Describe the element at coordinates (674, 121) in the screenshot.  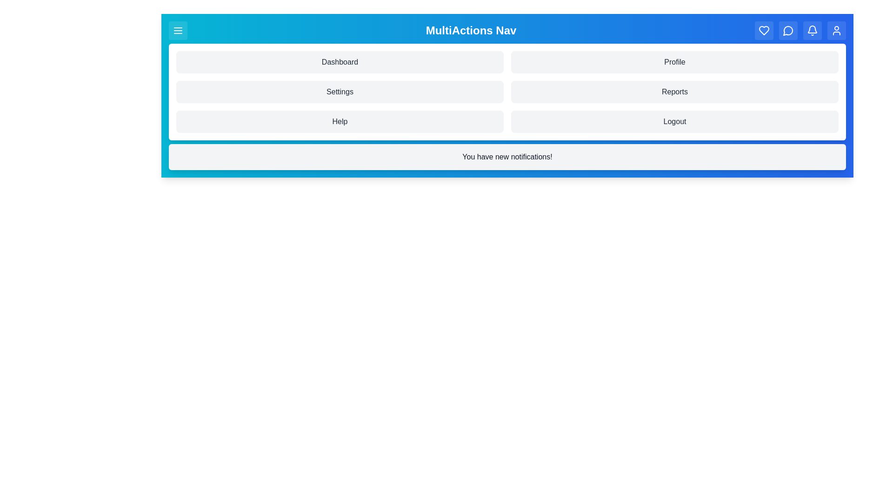
I see `the menu item labeled Logout` at that location.